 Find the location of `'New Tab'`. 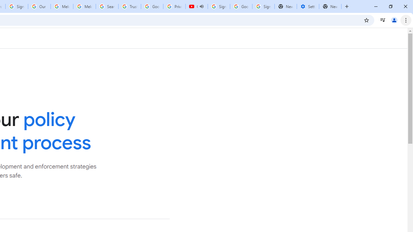

'New Tab' is located at coordinates (330, 6).